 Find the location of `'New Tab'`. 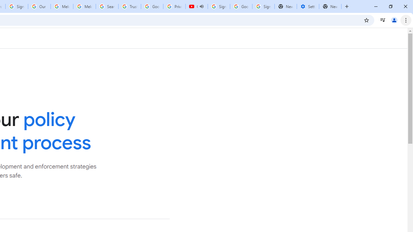

'New Tab' is located at coordinates (330, 6).